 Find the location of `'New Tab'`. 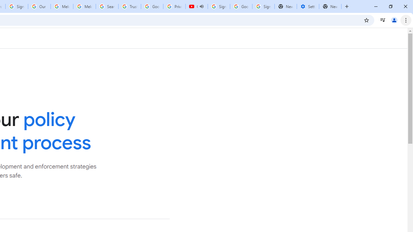

'New Tab' is located at coordinates (330, 6).